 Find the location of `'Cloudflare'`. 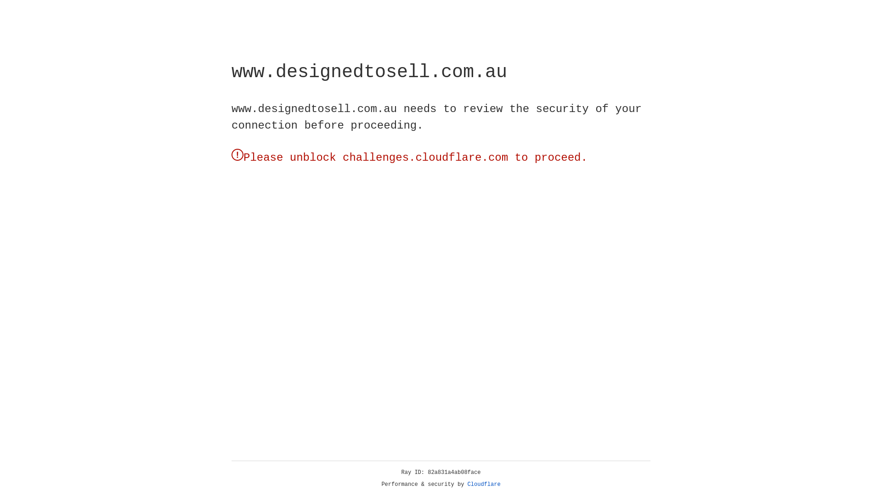

'Cloudflare' is located at coordinates (484, 484).